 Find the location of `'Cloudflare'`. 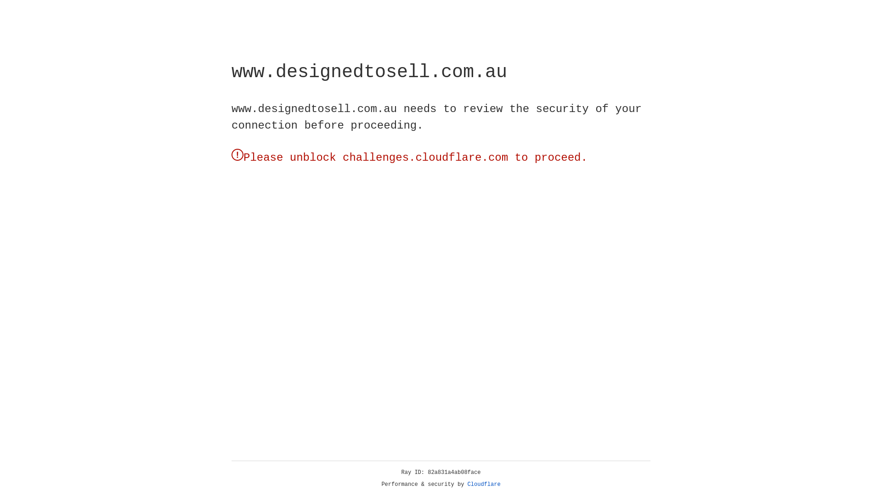

'Cloudflare' is located at coordinates (484, 484).